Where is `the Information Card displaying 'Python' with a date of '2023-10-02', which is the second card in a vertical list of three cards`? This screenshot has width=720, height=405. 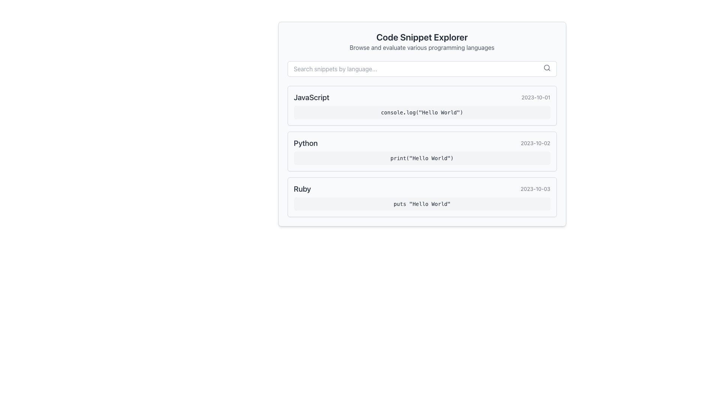 the Information Card displaying 'Python' with a date of '2023-10-02', which is the second card in a vertical list of three cards is located at coordinates (422, 151).